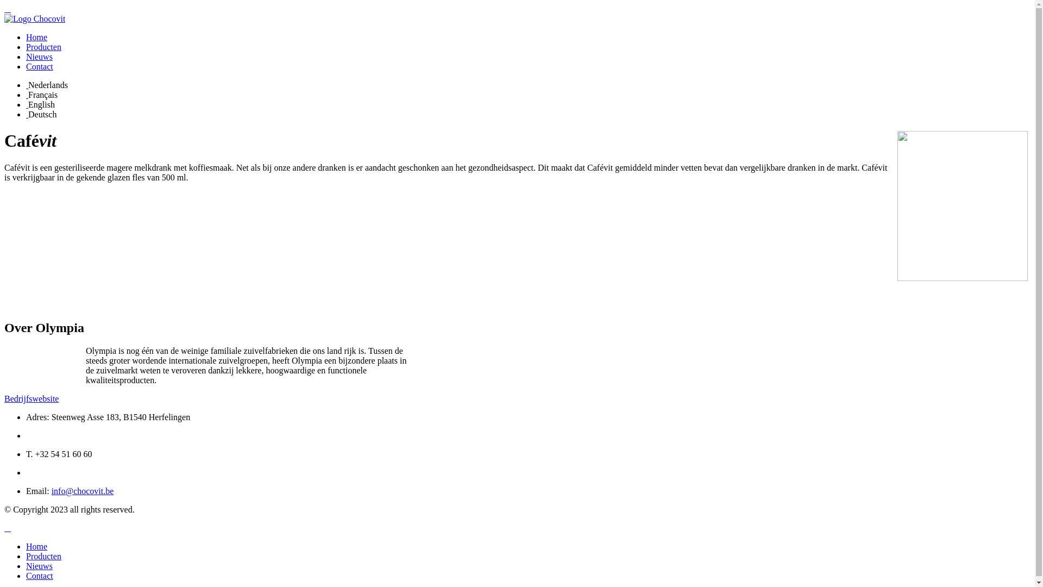 The height and width of the screenshot is (587, 1043). Describe the element at coordinates (27, 94) in the screenshot. I see `' '` at that location.